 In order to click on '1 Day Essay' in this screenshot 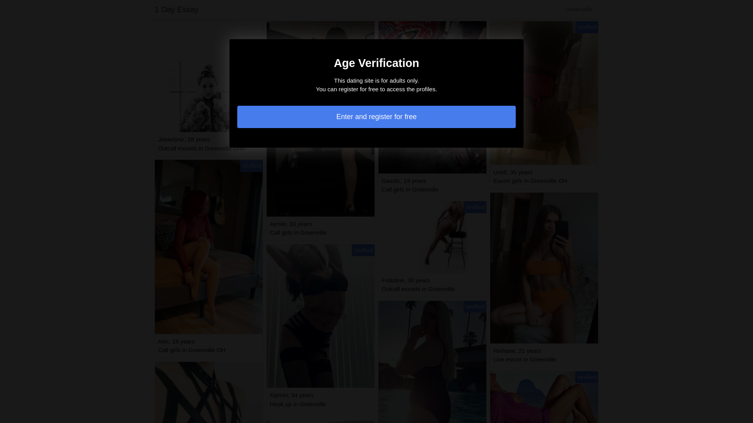, I will do `click(154, 9)`.